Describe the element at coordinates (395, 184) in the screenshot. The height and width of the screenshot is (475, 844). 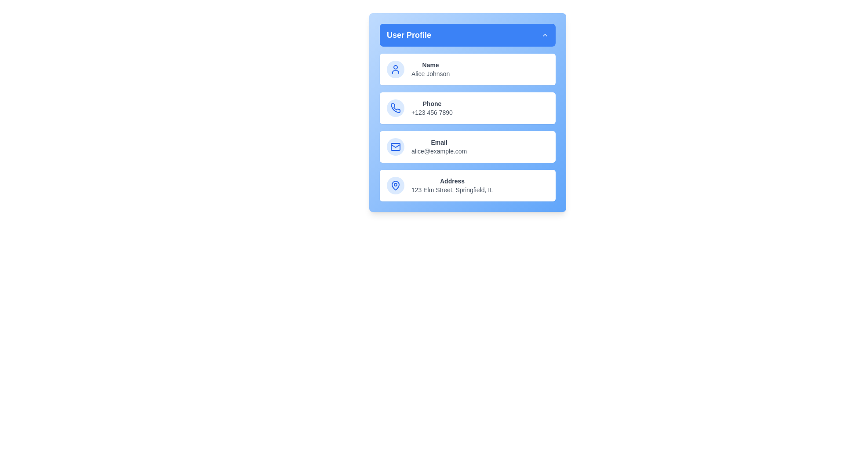
I see `the icon representing the address in the list entry for '123 Elm Street, Springfield, IL'` at that location.